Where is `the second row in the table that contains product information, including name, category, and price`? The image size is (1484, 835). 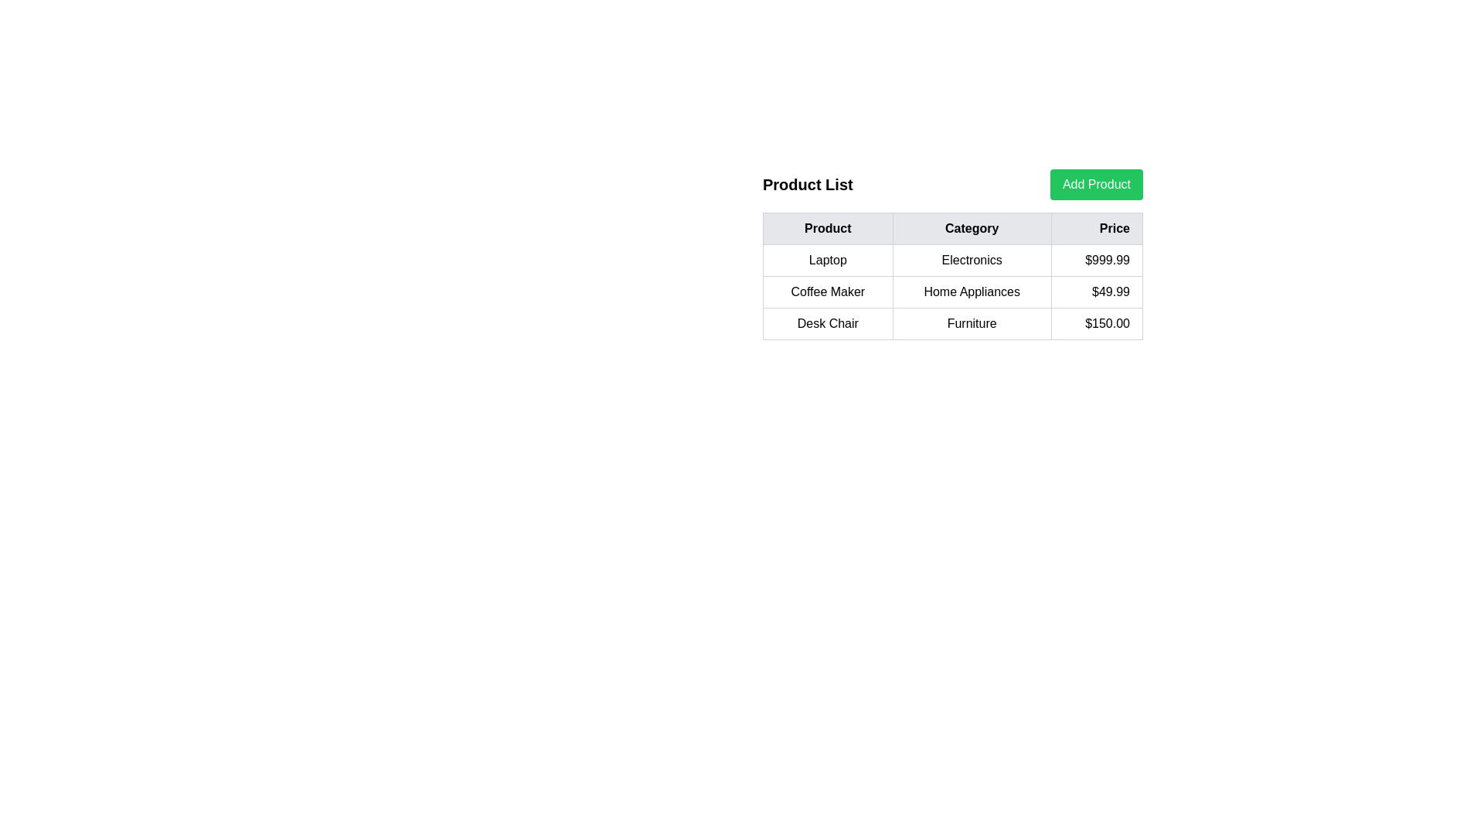 the second row in the table that contains product information, including name, category, and price is located at coordinates (952, 292).